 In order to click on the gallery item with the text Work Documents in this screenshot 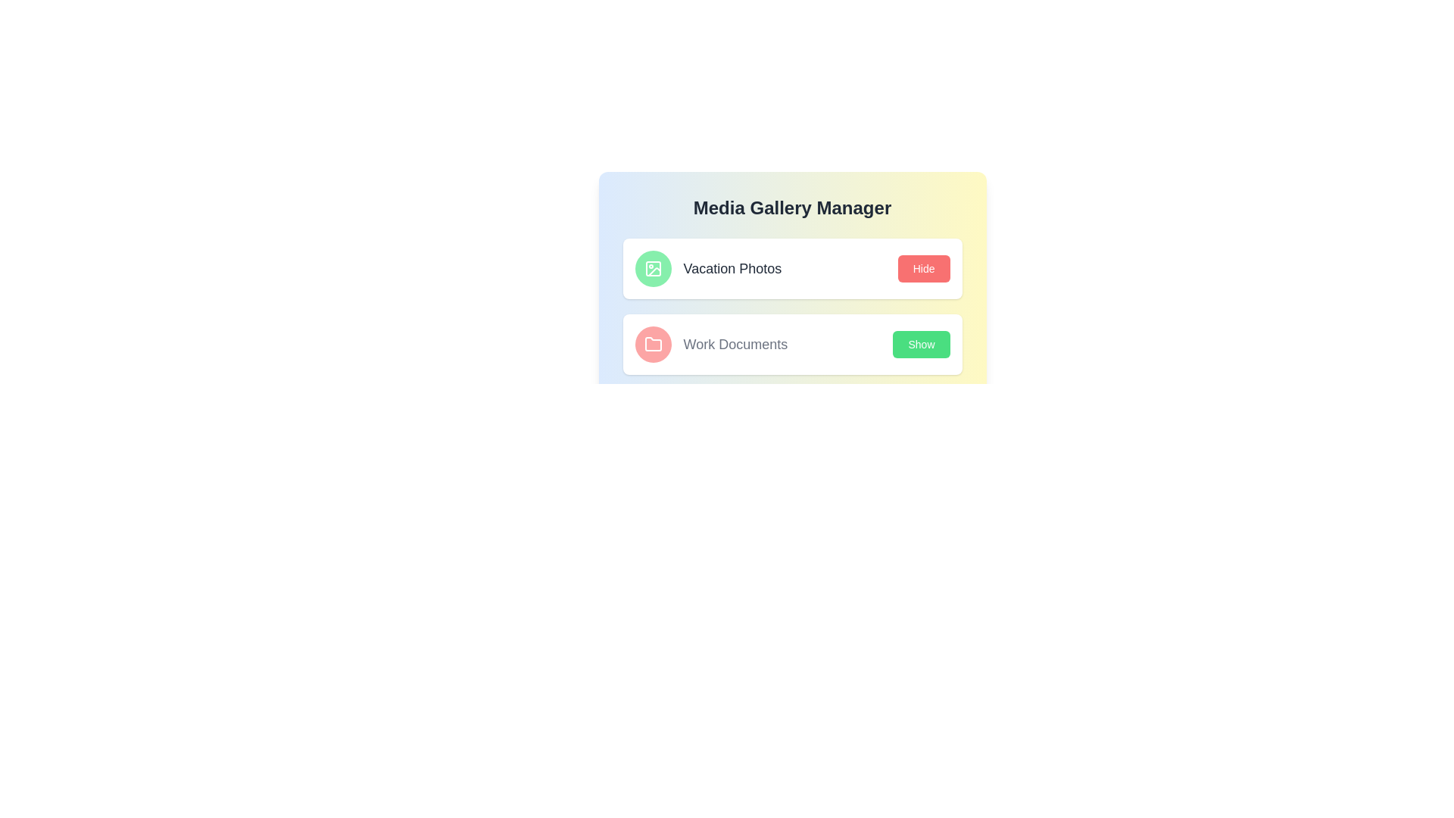, I will do `click(710, 345)`.